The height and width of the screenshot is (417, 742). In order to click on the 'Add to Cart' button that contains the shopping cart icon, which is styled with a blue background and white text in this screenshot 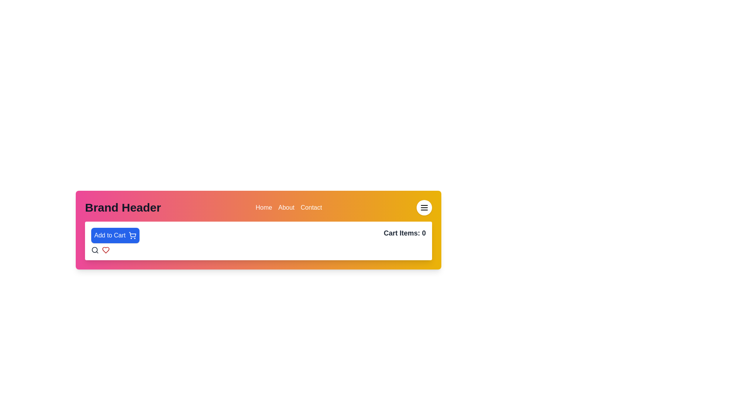, I will do `click(132, 235)`.